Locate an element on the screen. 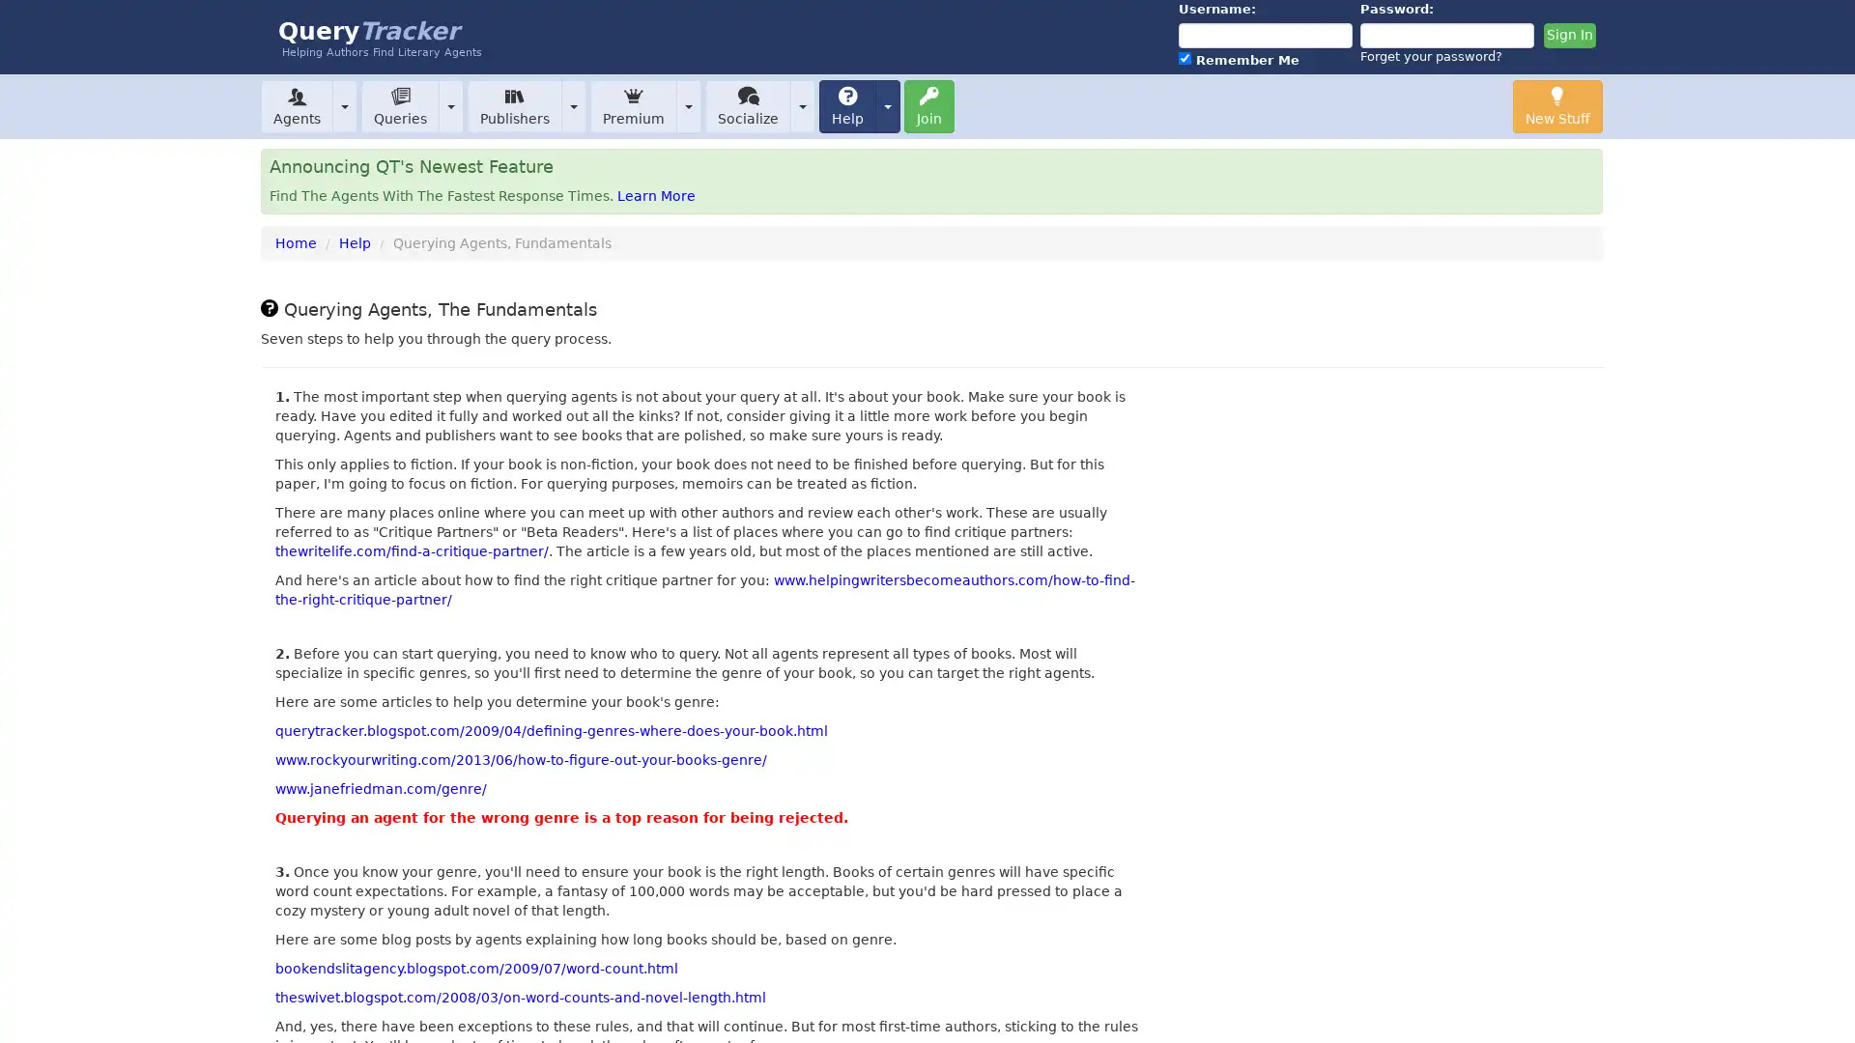  Toggle Dropdown is located at coordinates (689, 105).